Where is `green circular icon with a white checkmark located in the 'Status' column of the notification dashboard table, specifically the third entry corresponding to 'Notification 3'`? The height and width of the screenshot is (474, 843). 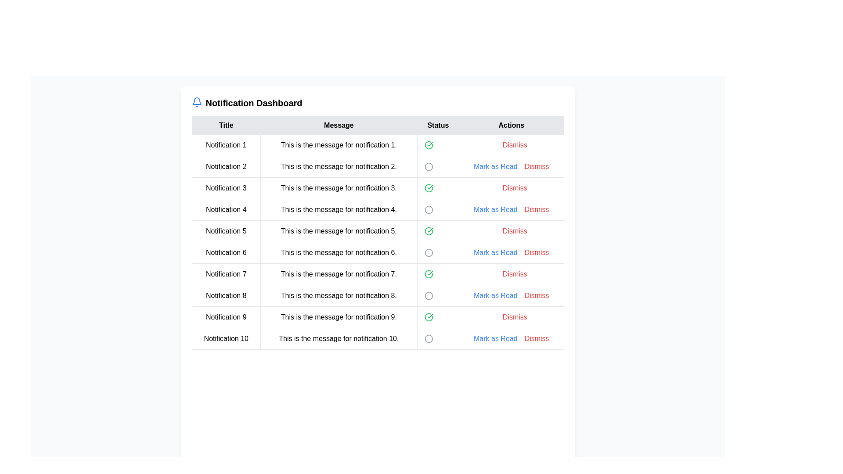
green circular icon with a white checkmark located in the 'Status' column of the notification dashboard table, specifically the third entry corresponding to 'Notification 3' is located at coordinates (438, 187).